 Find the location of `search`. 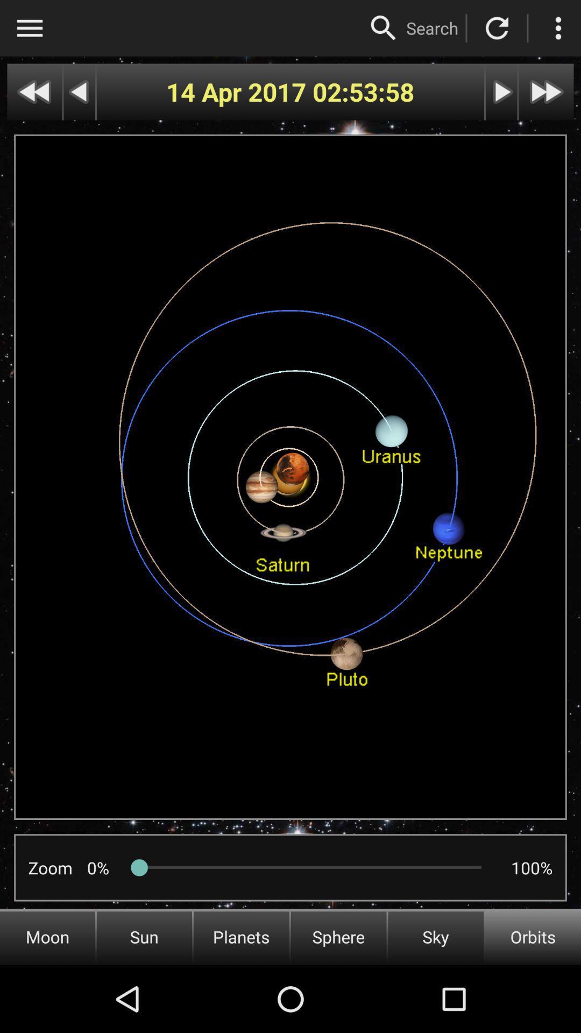

search is located at coordinates (383, 28).